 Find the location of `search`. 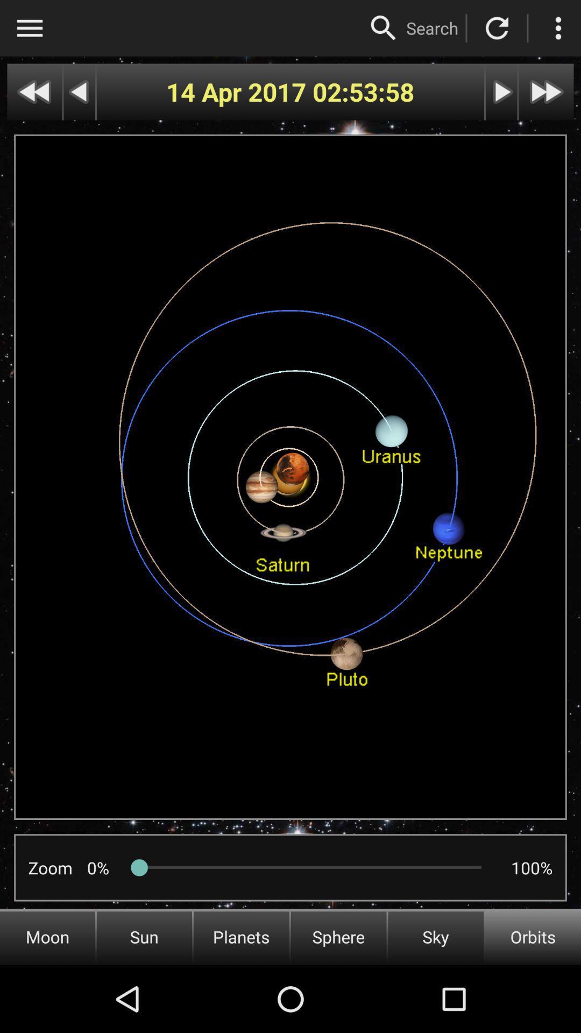

search is located at coordinates (383, 28).